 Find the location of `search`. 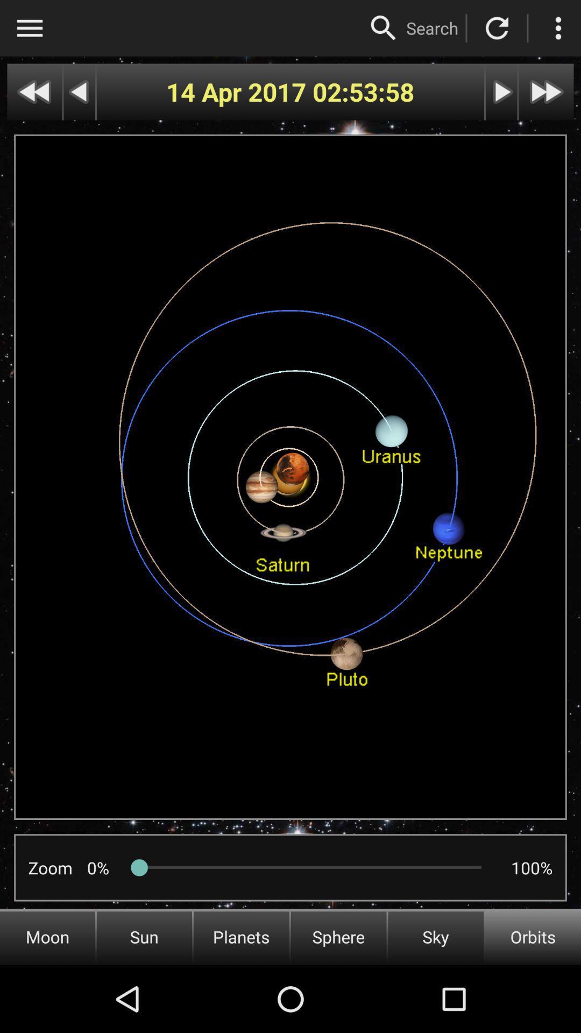

search is located at coordinates (383, 28).